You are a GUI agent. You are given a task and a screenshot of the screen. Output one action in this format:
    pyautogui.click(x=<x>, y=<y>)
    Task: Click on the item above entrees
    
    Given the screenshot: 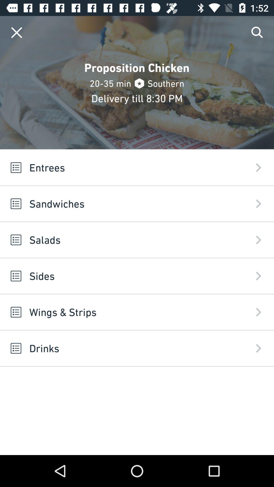 What is the action you would take?
    pyautogui.click(x=257, y=32)
    